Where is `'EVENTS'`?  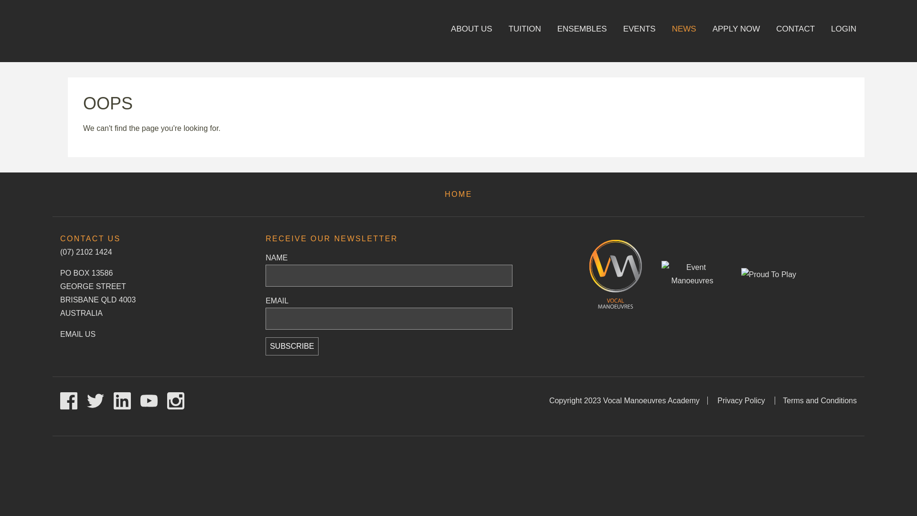 'EVENTS' is located at coordinates (640, 32).